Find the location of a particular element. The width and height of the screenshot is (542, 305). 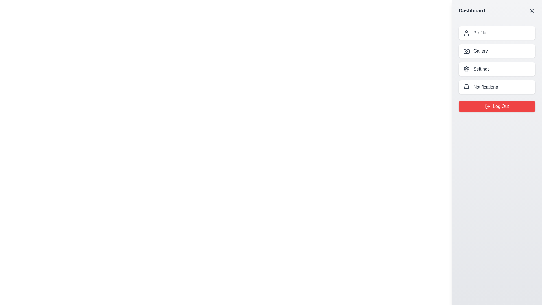

the 'Gallery' text label in the vertical navigation menu, which is the second option below 'Profile' and above 'Settings' is located at coordinates (480, 51).